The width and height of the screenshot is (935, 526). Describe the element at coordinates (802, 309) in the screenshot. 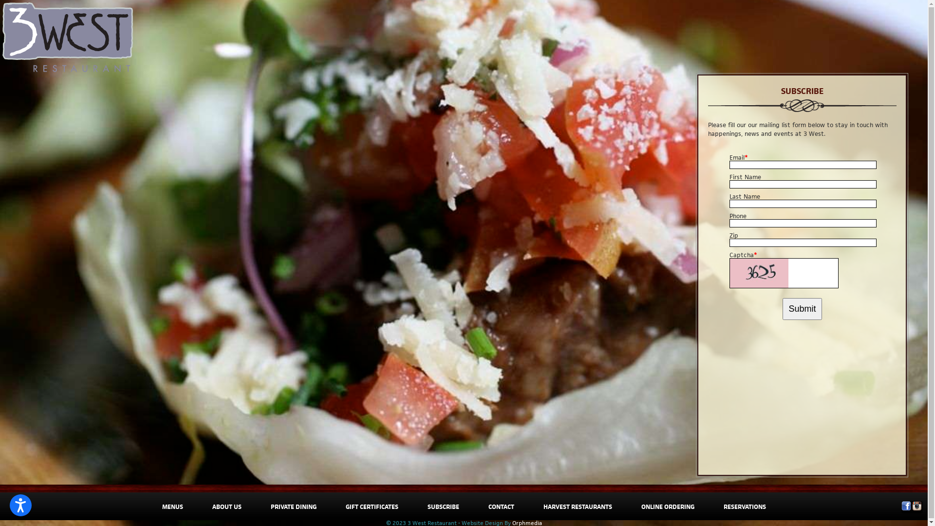

I see `'Submit'` at that location.